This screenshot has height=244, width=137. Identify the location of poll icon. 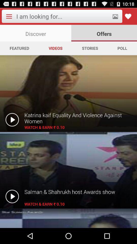
(122, 48).